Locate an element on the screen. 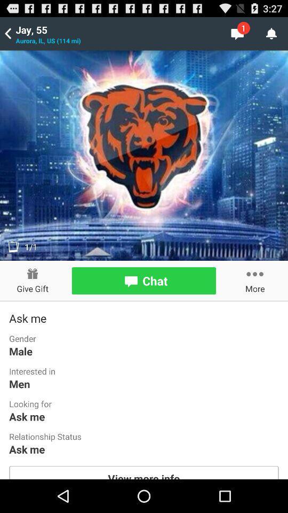 The width and height of the screenshot is (288, 513). the chat bar is located at coordinates (143, 280).